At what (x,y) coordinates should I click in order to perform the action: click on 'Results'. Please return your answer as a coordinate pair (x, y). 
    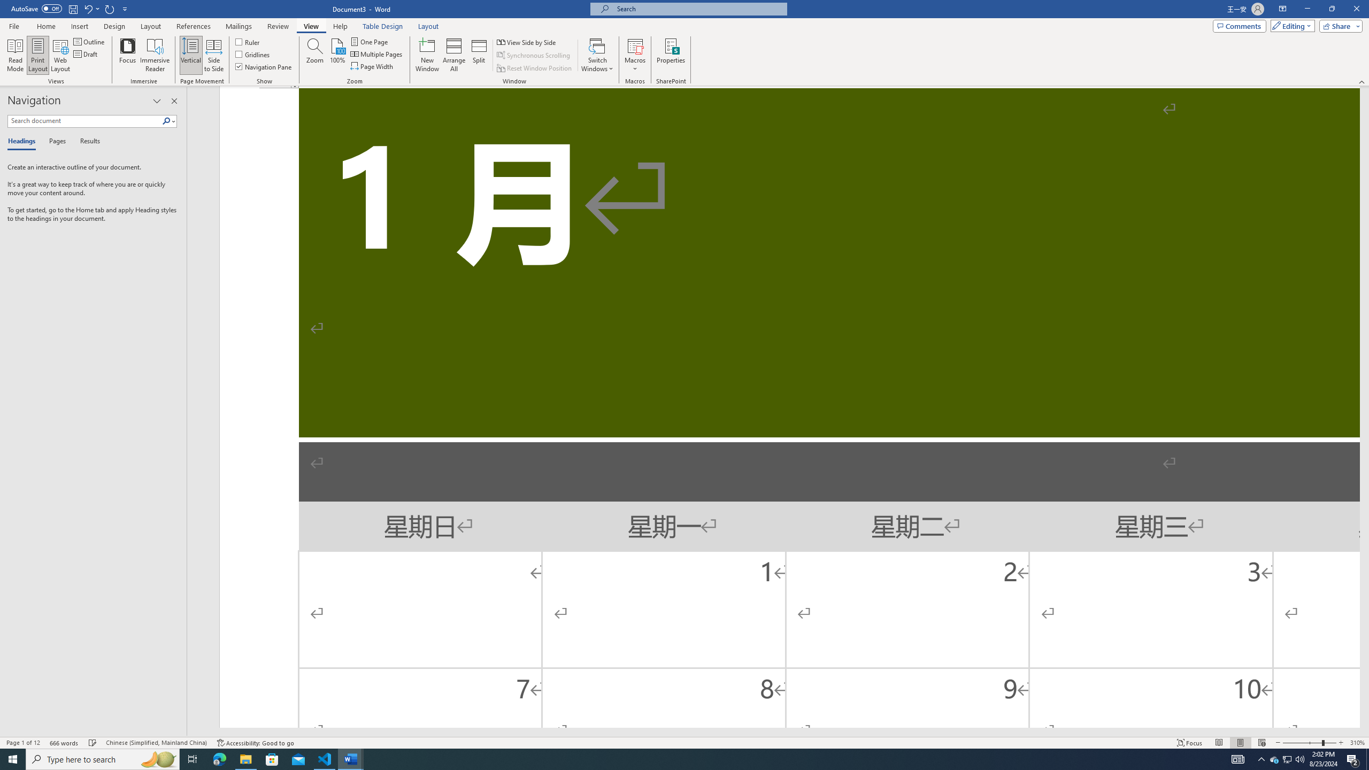
    Looking at the image, I should click on (86, 141).